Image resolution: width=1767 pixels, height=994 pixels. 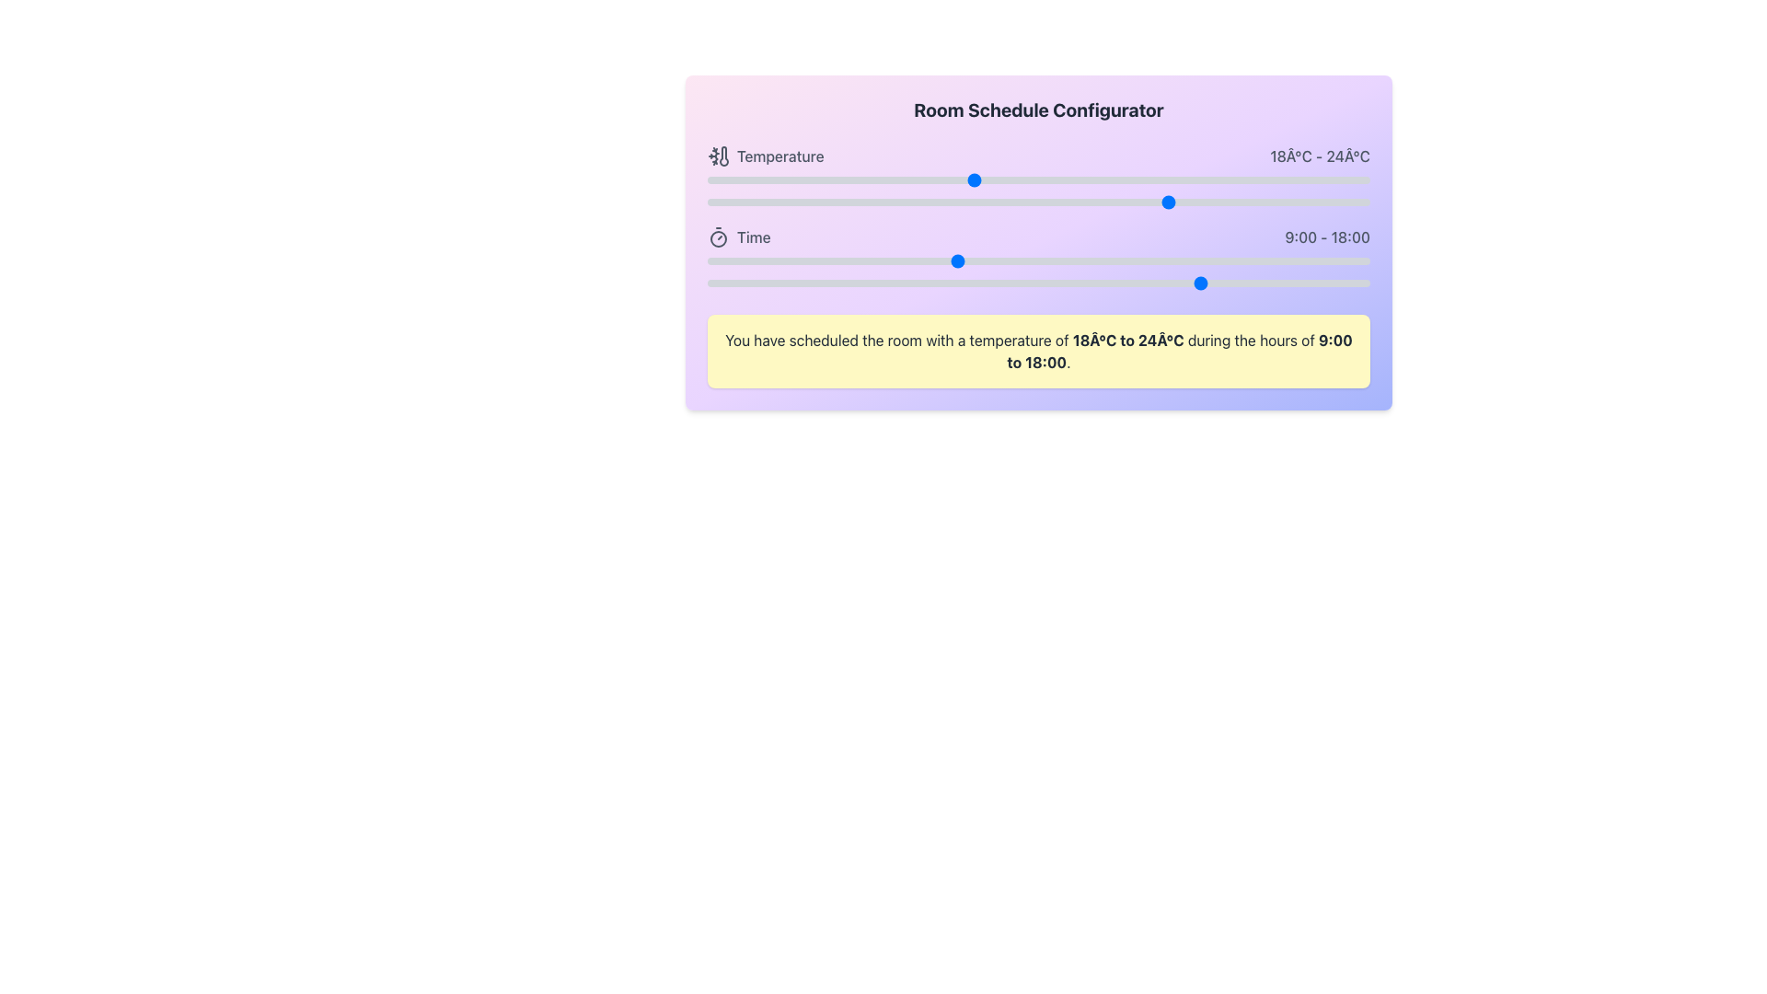 I want to click on the time, so click(x=1011, y=283).